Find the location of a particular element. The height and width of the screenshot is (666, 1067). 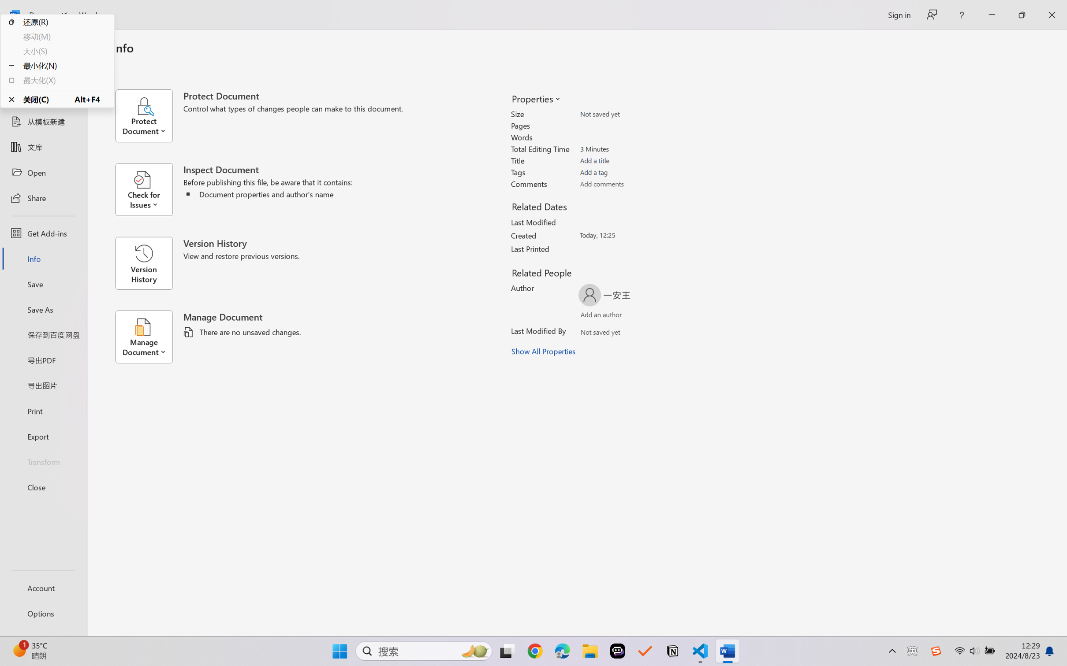

'Words' is located at coordinates (629, 137).